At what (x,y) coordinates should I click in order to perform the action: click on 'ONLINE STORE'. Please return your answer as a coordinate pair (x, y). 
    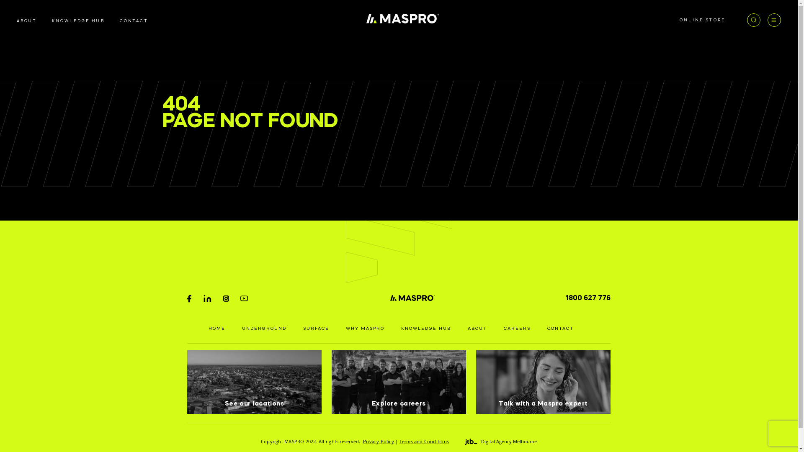
    Looking at the image, I should click on (702, 19).